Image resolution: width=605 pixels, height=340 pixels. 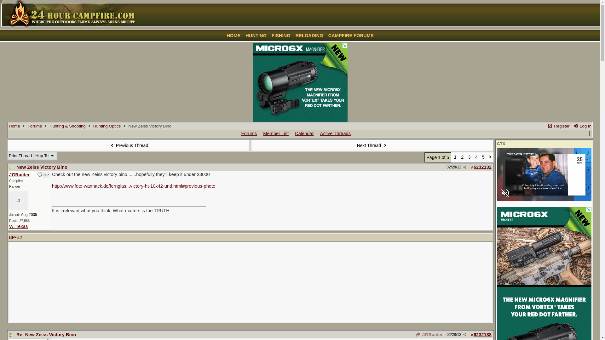 I want to click on 'Home', so click(x=14, y=126).